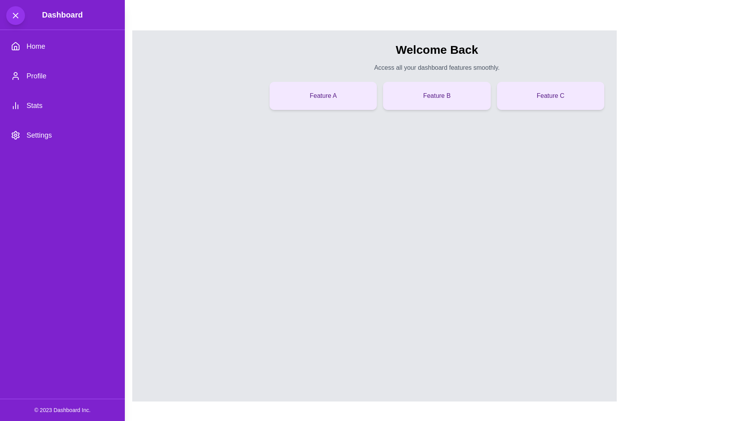 Image resolution: width=749 pixels, height=421 pixels. Describe the element at coordinates (28, 76) in the screenshot. I see `the 'Profile' menu item` at that location.